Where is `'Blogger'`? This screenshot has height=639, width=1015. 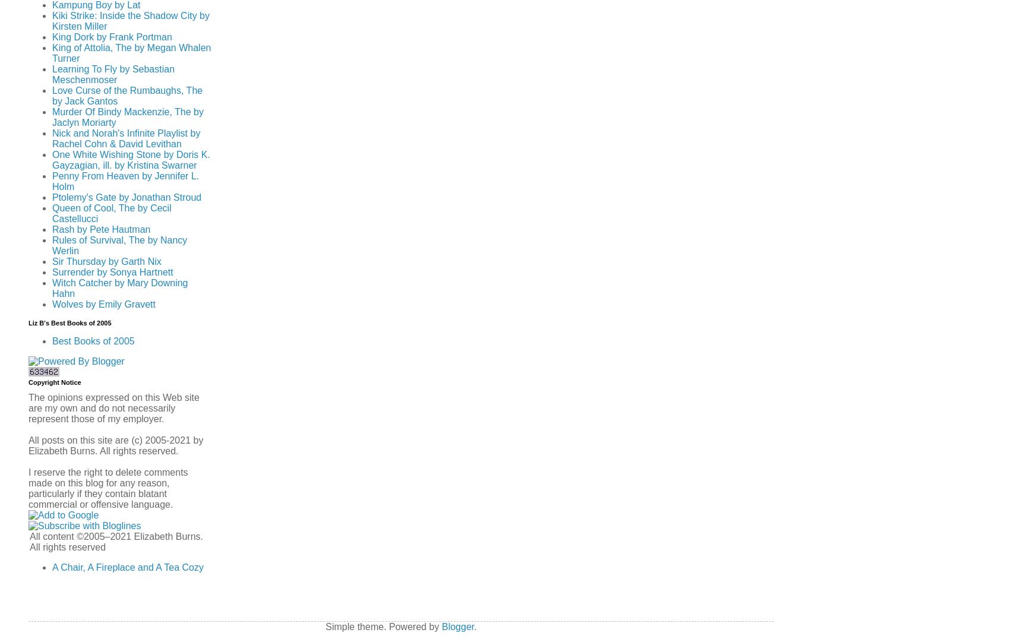
'Blogger' is located at coordinates (457, 627).